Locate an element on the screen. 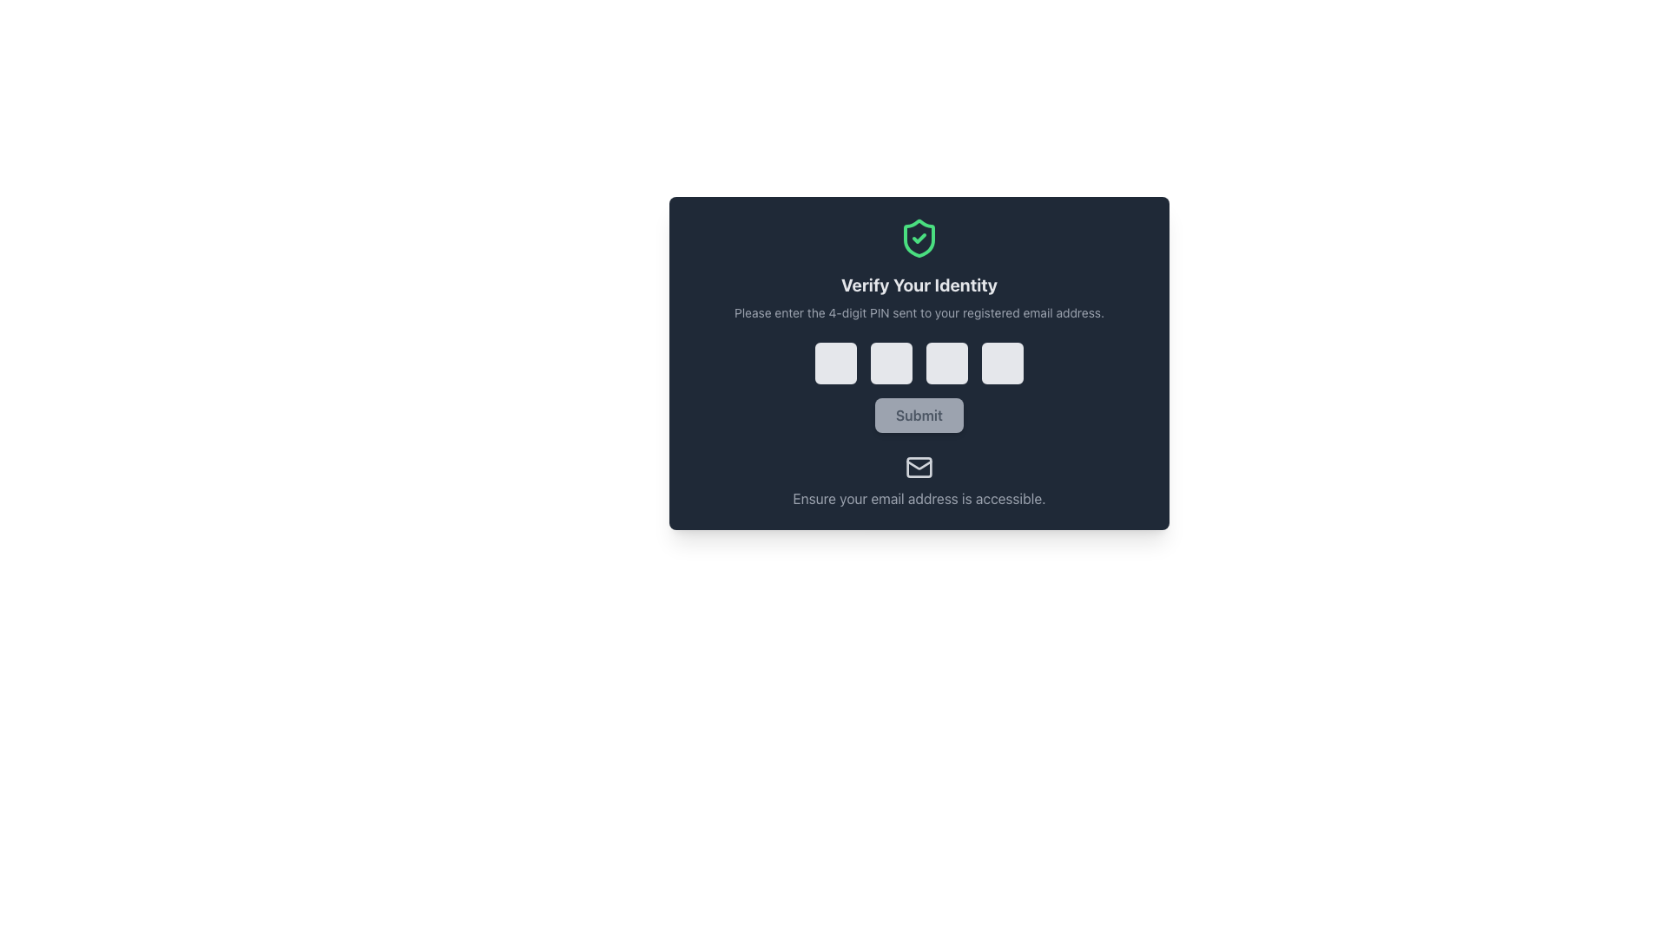  the grayish envelope icon component located at the lower section of the card layout is located at coordinates (919, 467).